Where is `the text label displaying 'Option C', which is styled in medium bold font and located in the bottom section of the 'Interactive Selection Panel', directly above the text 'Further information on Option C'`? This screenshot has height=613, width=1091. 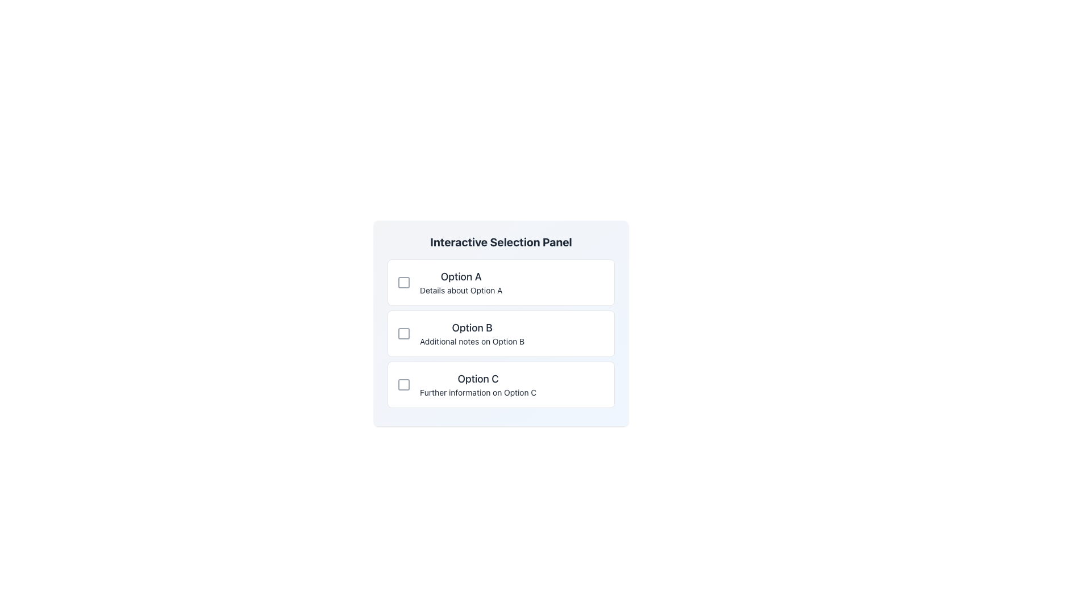 the text label displaying 'Option C', which is styled in medium bold font and located in the bottom section of the 'Interactive Selection Panel', directly above the text 'Further information on Option C' is located at coordinates (478, 379).